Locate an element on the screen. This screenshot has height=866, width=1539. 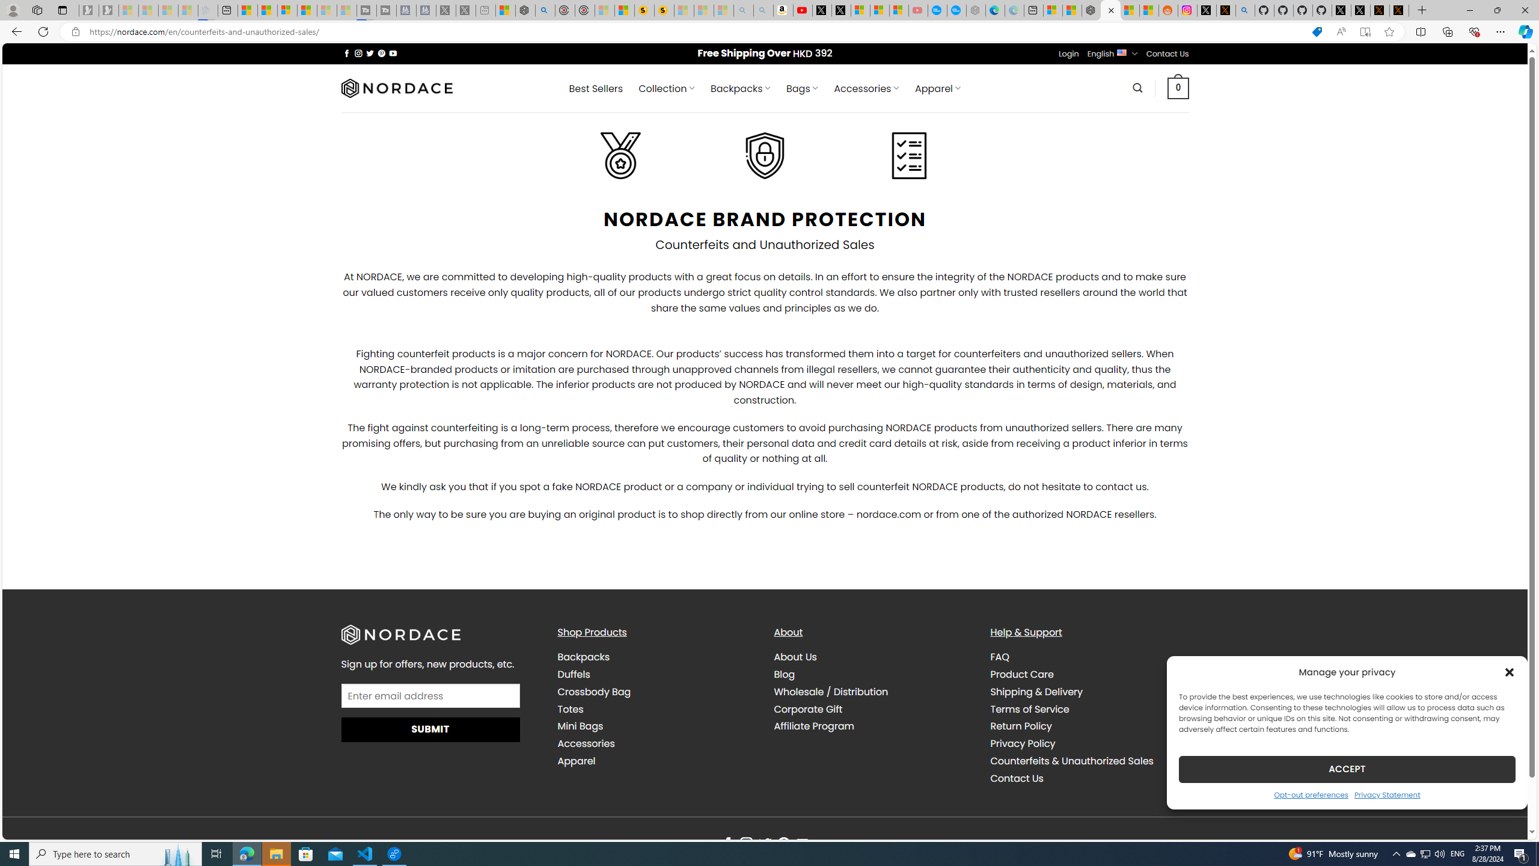
'Totes' is located at coordinates (569, 708).